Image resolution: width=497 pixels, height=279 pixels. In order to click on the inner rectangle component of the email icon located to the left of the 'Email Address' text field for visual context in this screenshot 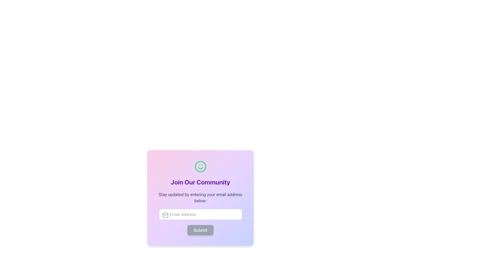, I will do `click(165, 215)`.